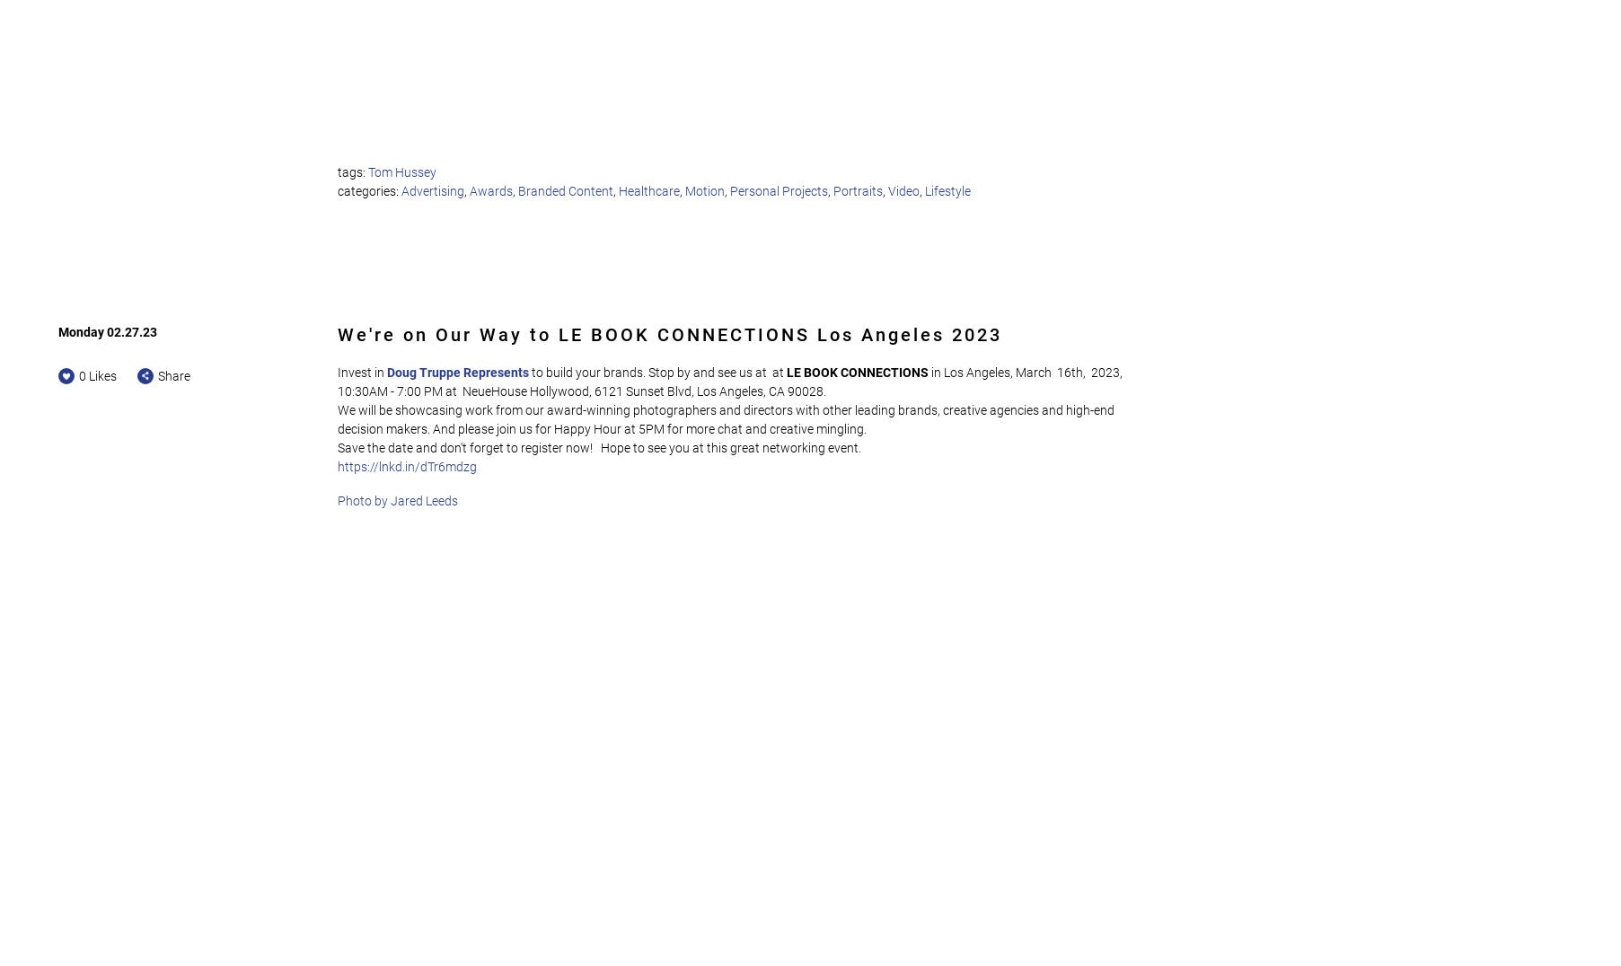  What do you see at coordinates (785, 372) in the screenshot?
I see `'LE BOOK'` at bounding box center [785, 372].